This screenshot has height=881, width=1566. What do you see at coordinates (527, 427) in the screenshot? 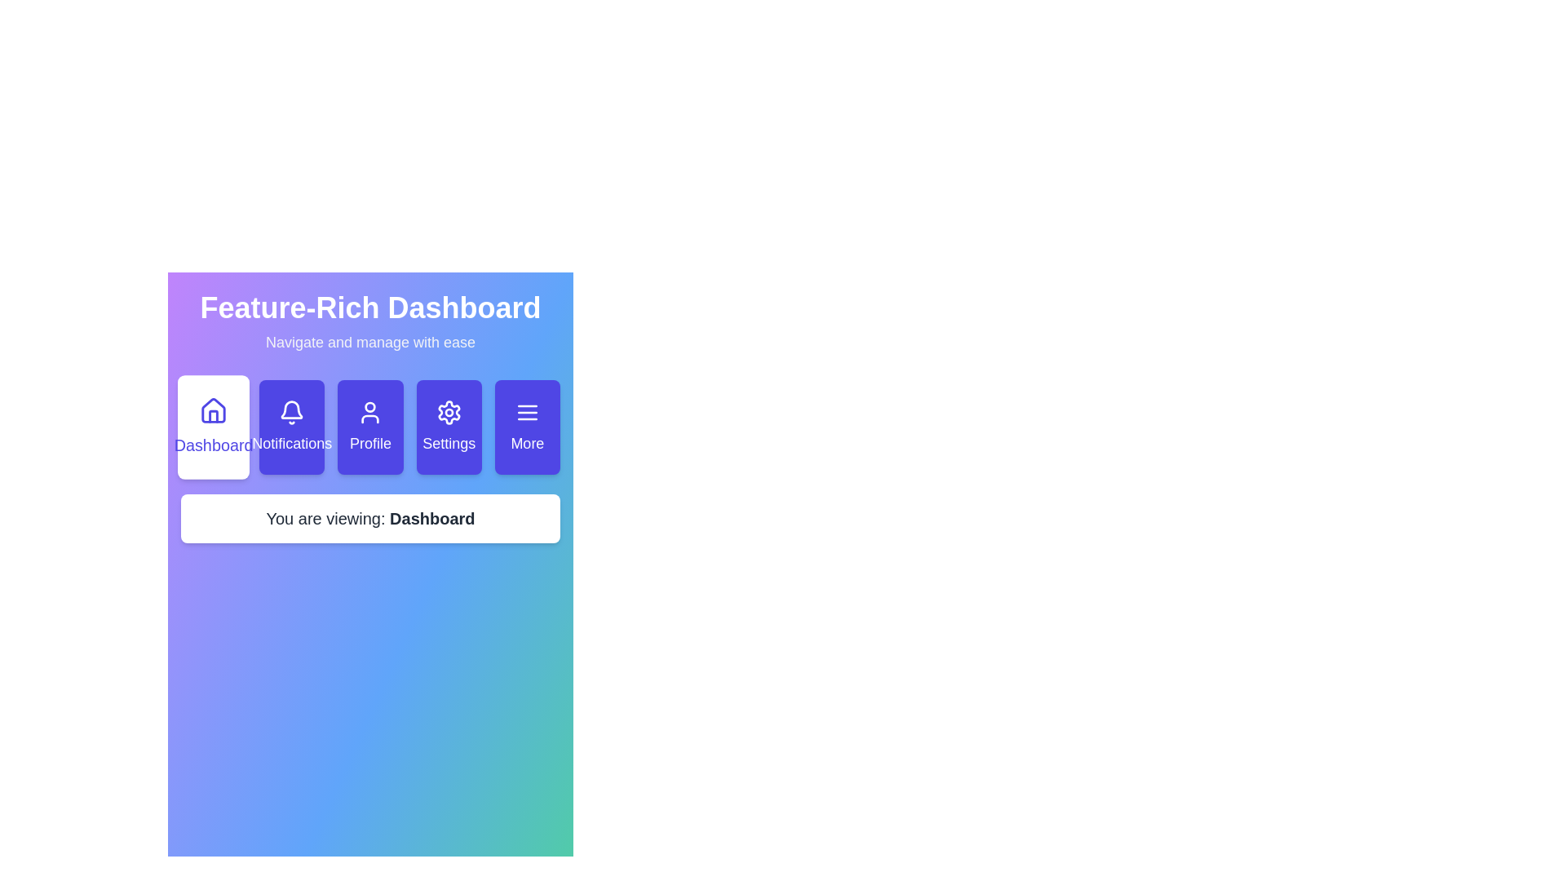
I see `the rounded rectangular 'More' button with a purple background and white text, located at the far-right side of the grid` at bounding box center [527, 427].